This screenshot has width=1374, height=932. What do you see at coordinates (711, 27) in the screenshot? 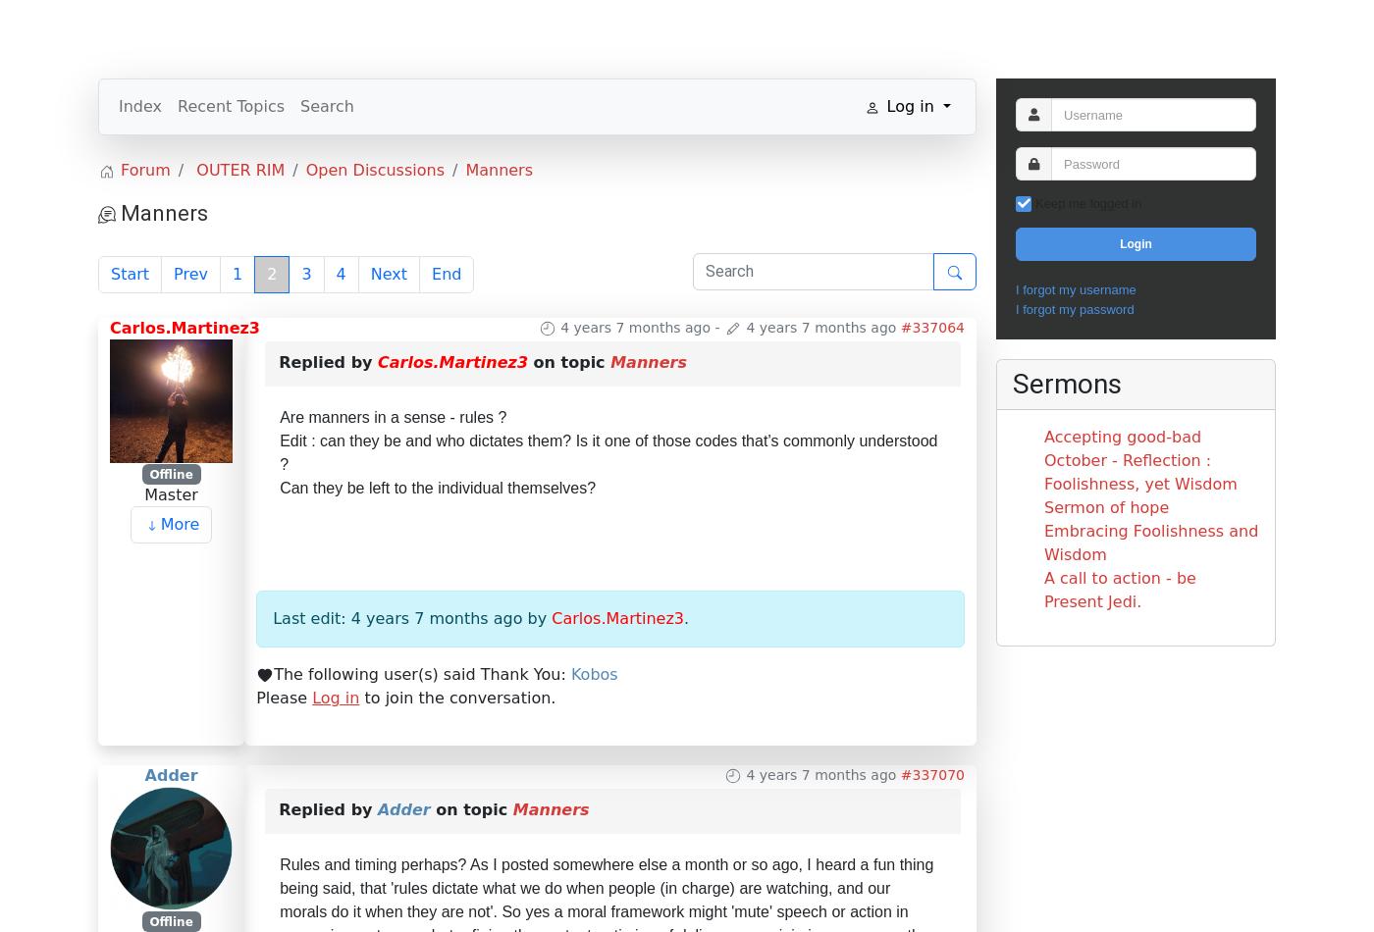
I see `'Doctrine'` at bounding box center [711, 27].